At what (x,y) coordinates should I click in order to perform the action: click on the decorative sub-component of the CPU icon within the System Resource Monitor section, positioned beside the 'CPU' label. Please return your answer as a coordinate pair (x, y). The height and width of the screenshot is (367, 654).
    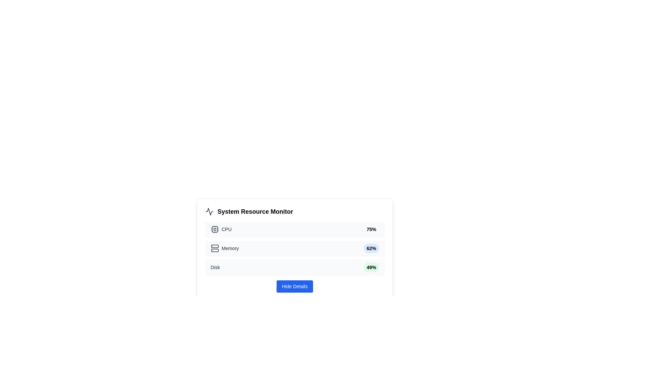
    Looking at the image, I should click on (214, 229).